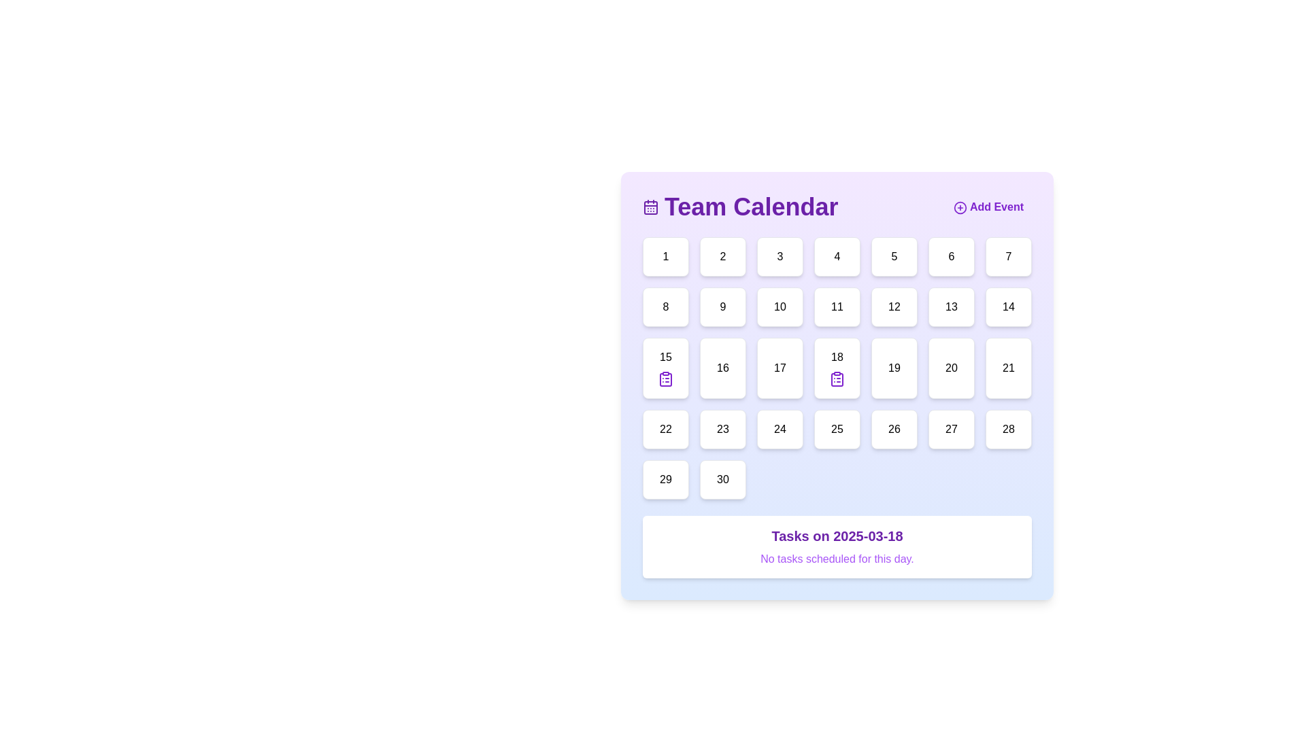 The height and width of the screenshot is (734, 1306). I want to click on the square button with rounded corners and the number '29' centered inside, so click(666, 478).